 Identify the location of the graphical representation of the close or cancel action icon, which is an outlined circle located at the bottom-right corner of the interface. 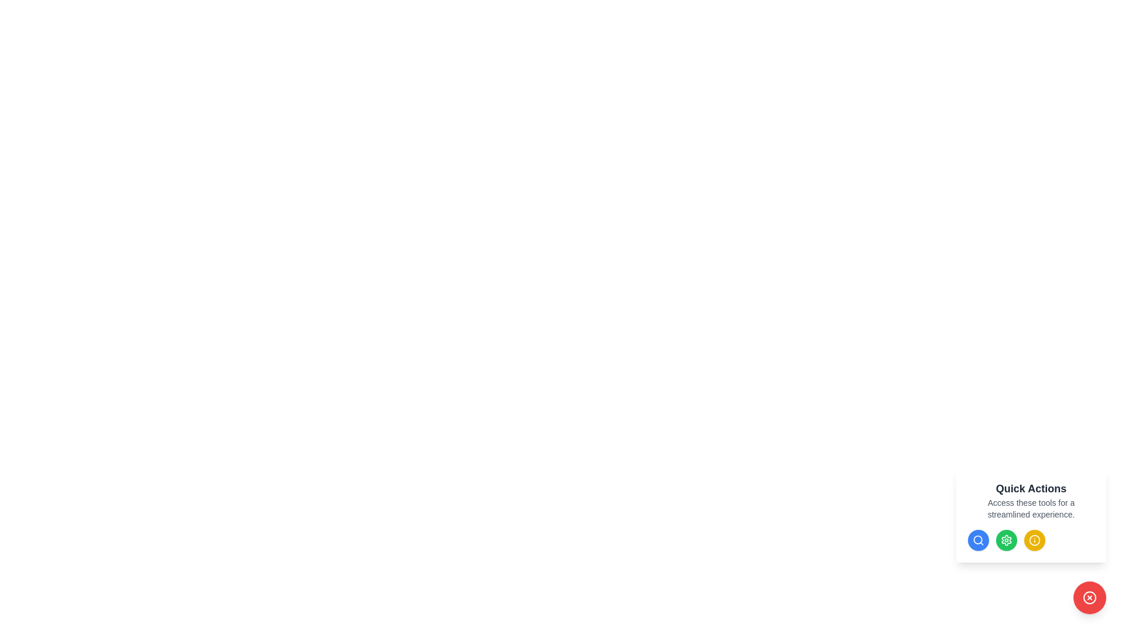
(1089, 597).